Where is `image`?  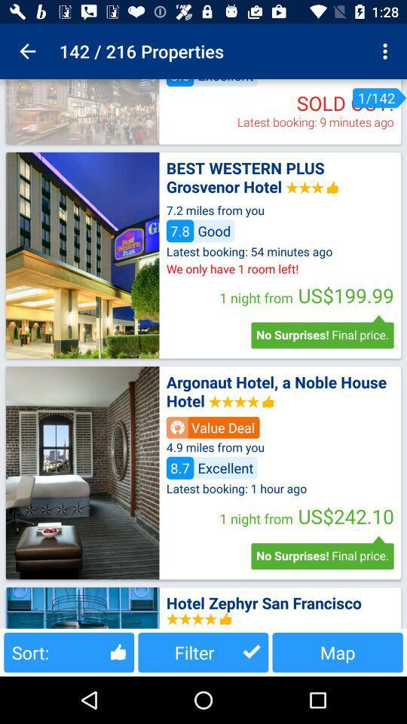 image is located at coordinates (82, 111).